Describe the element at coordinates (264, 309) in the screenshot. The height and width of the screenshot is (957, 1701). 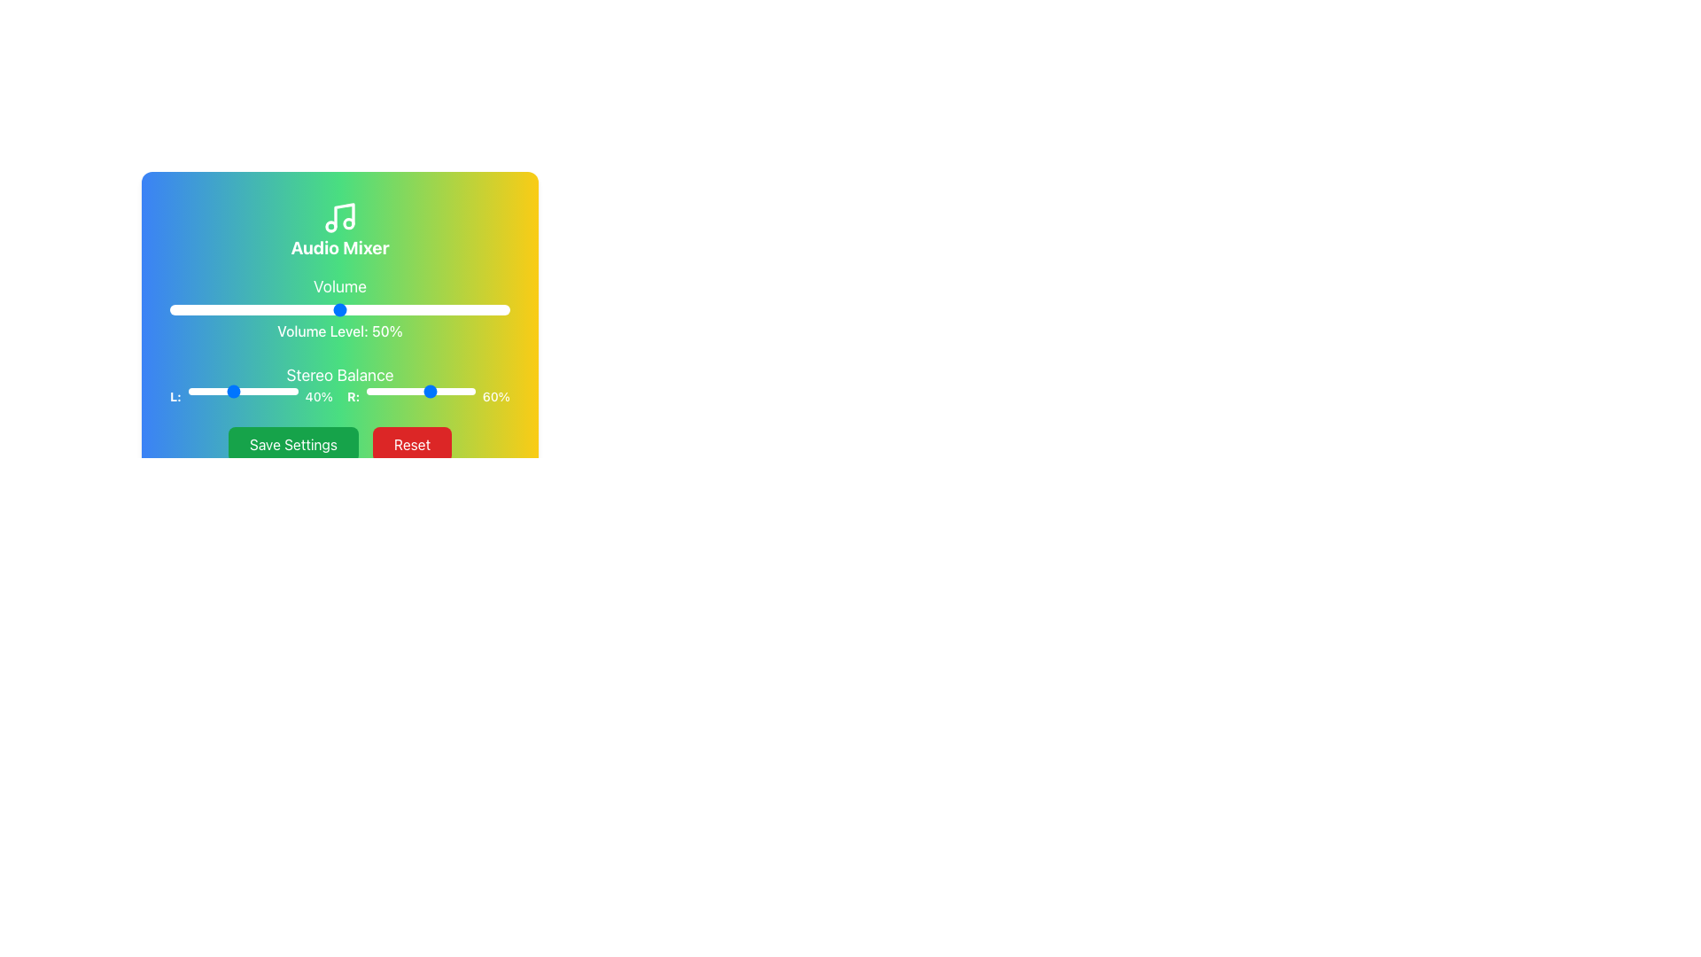
I see `the volume` at that location.